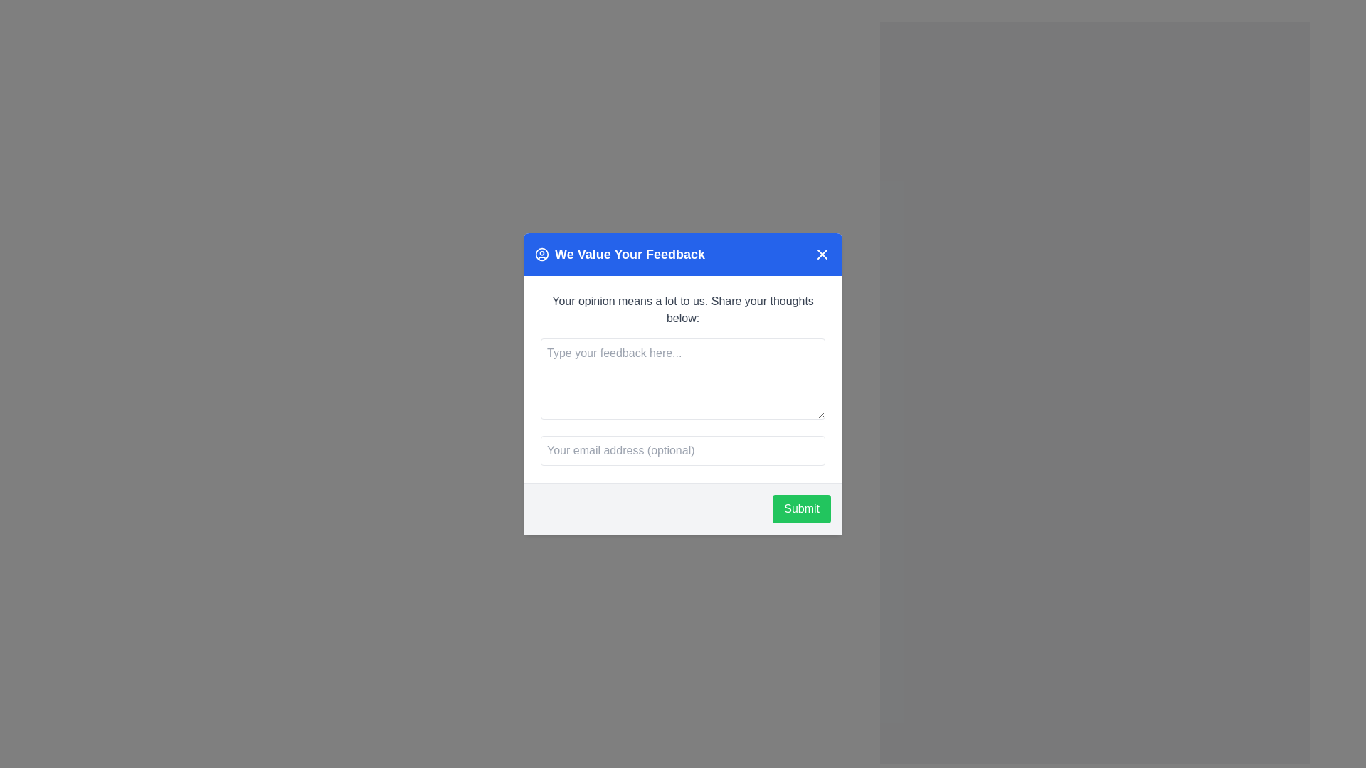  I want to click on the static text element providing instructions for feedback, located at the top of the feedback form, so click(683, 309).